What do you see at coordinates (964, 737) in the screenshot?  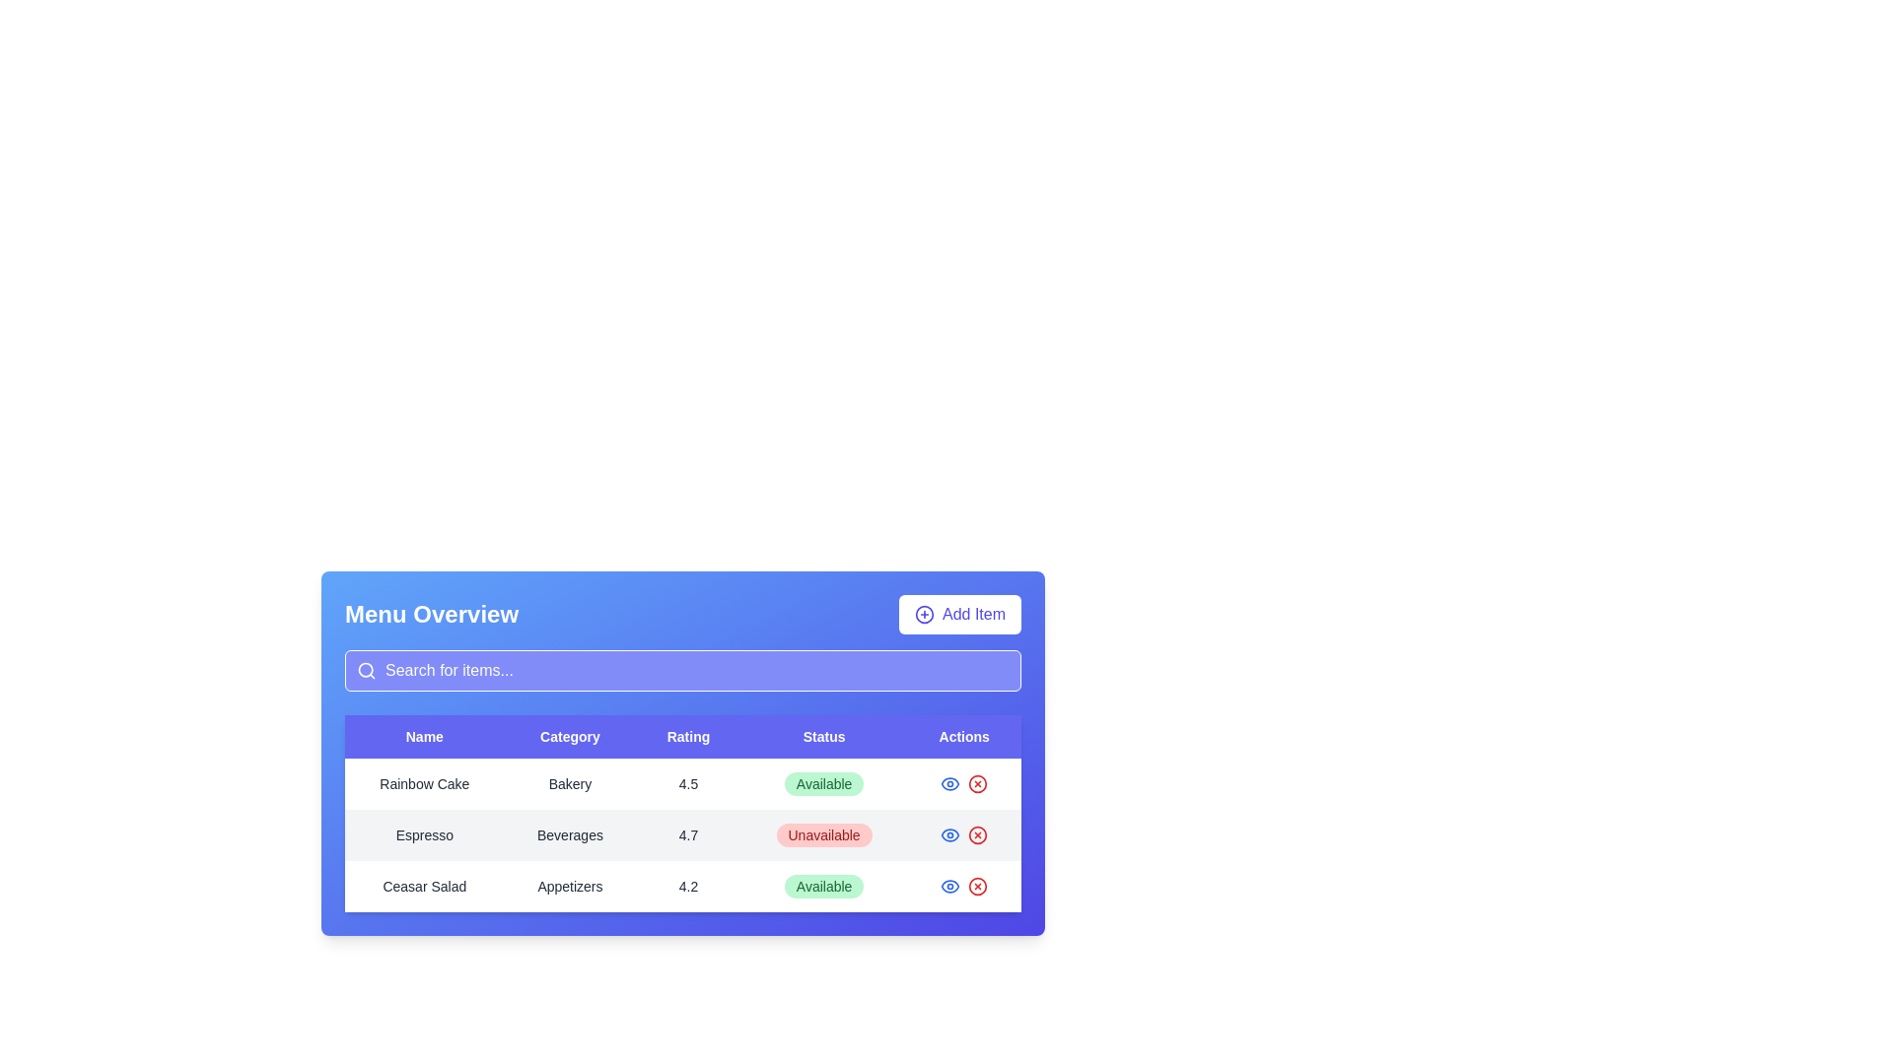 I see `the text label displaying 'Actions', which is the rightmost column header in the table with a purple background and white text` at bounding box center [964, 737].